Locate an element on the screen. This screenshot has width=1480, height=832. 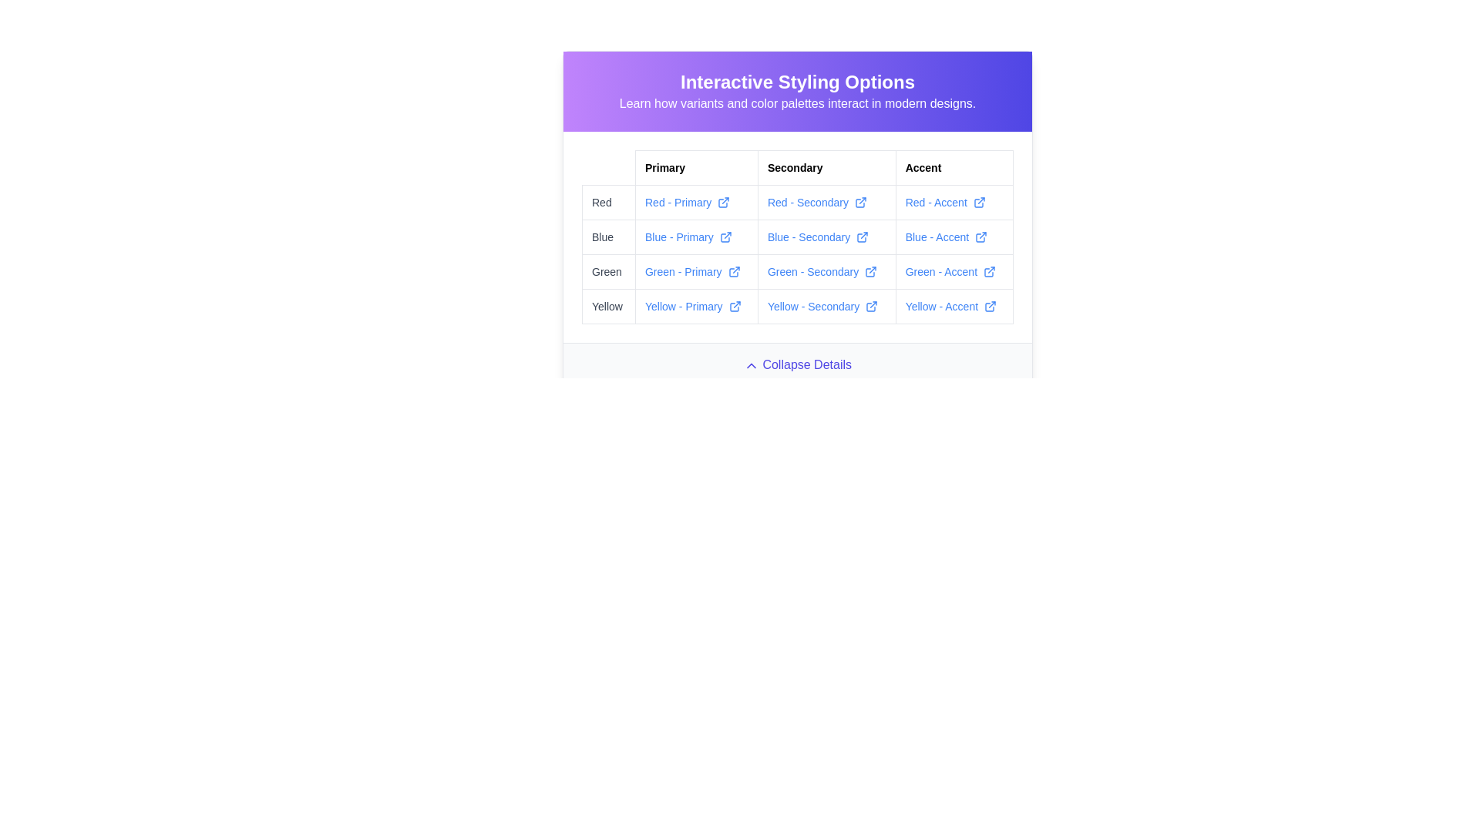
the hyperlink with an external link indicator located is located at coordinates (695, 271).